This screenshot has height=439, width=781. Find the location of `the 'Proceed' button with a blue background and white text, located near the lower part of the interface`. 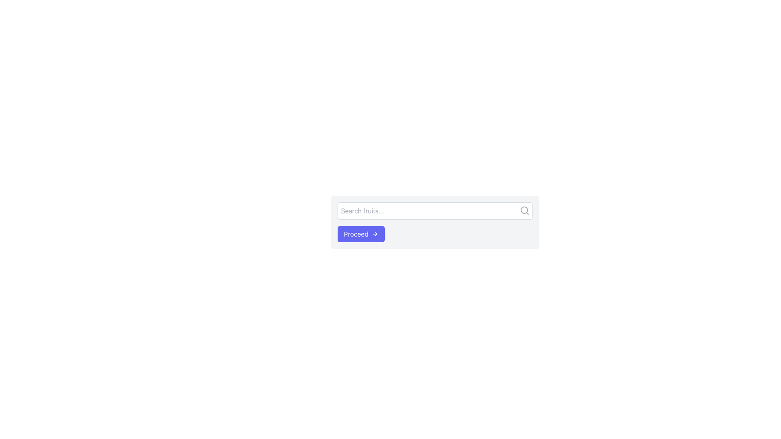

the 'Proceed' button with a blue background and white text, located near the lower part of the interface is located at coordinates (360, 234).